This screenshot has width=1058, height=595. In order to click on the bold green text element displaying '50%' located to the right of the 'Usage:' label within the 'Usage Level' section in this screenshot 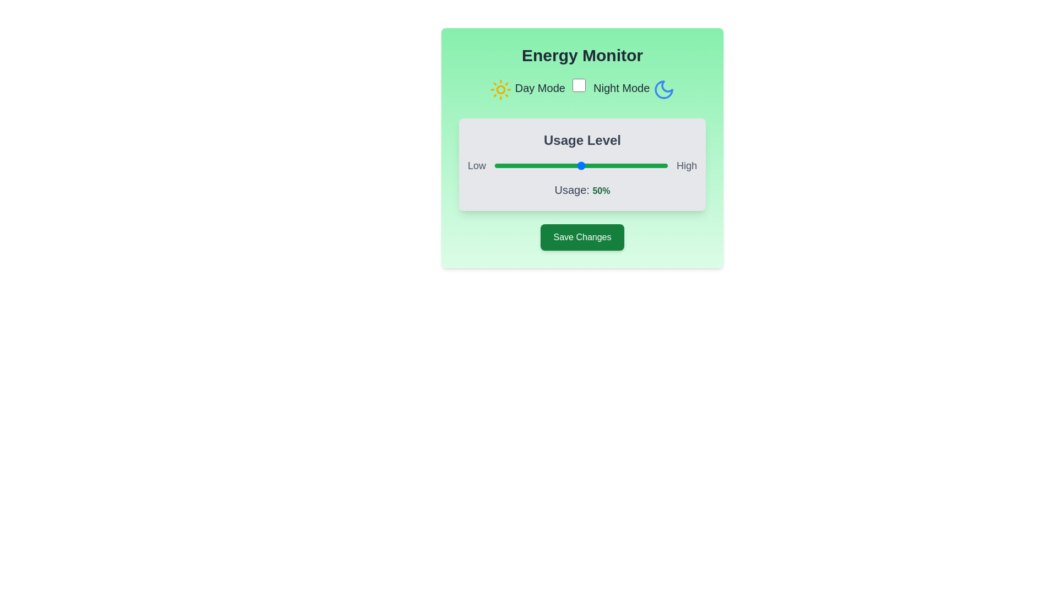, I will do `click(601, 190)`.